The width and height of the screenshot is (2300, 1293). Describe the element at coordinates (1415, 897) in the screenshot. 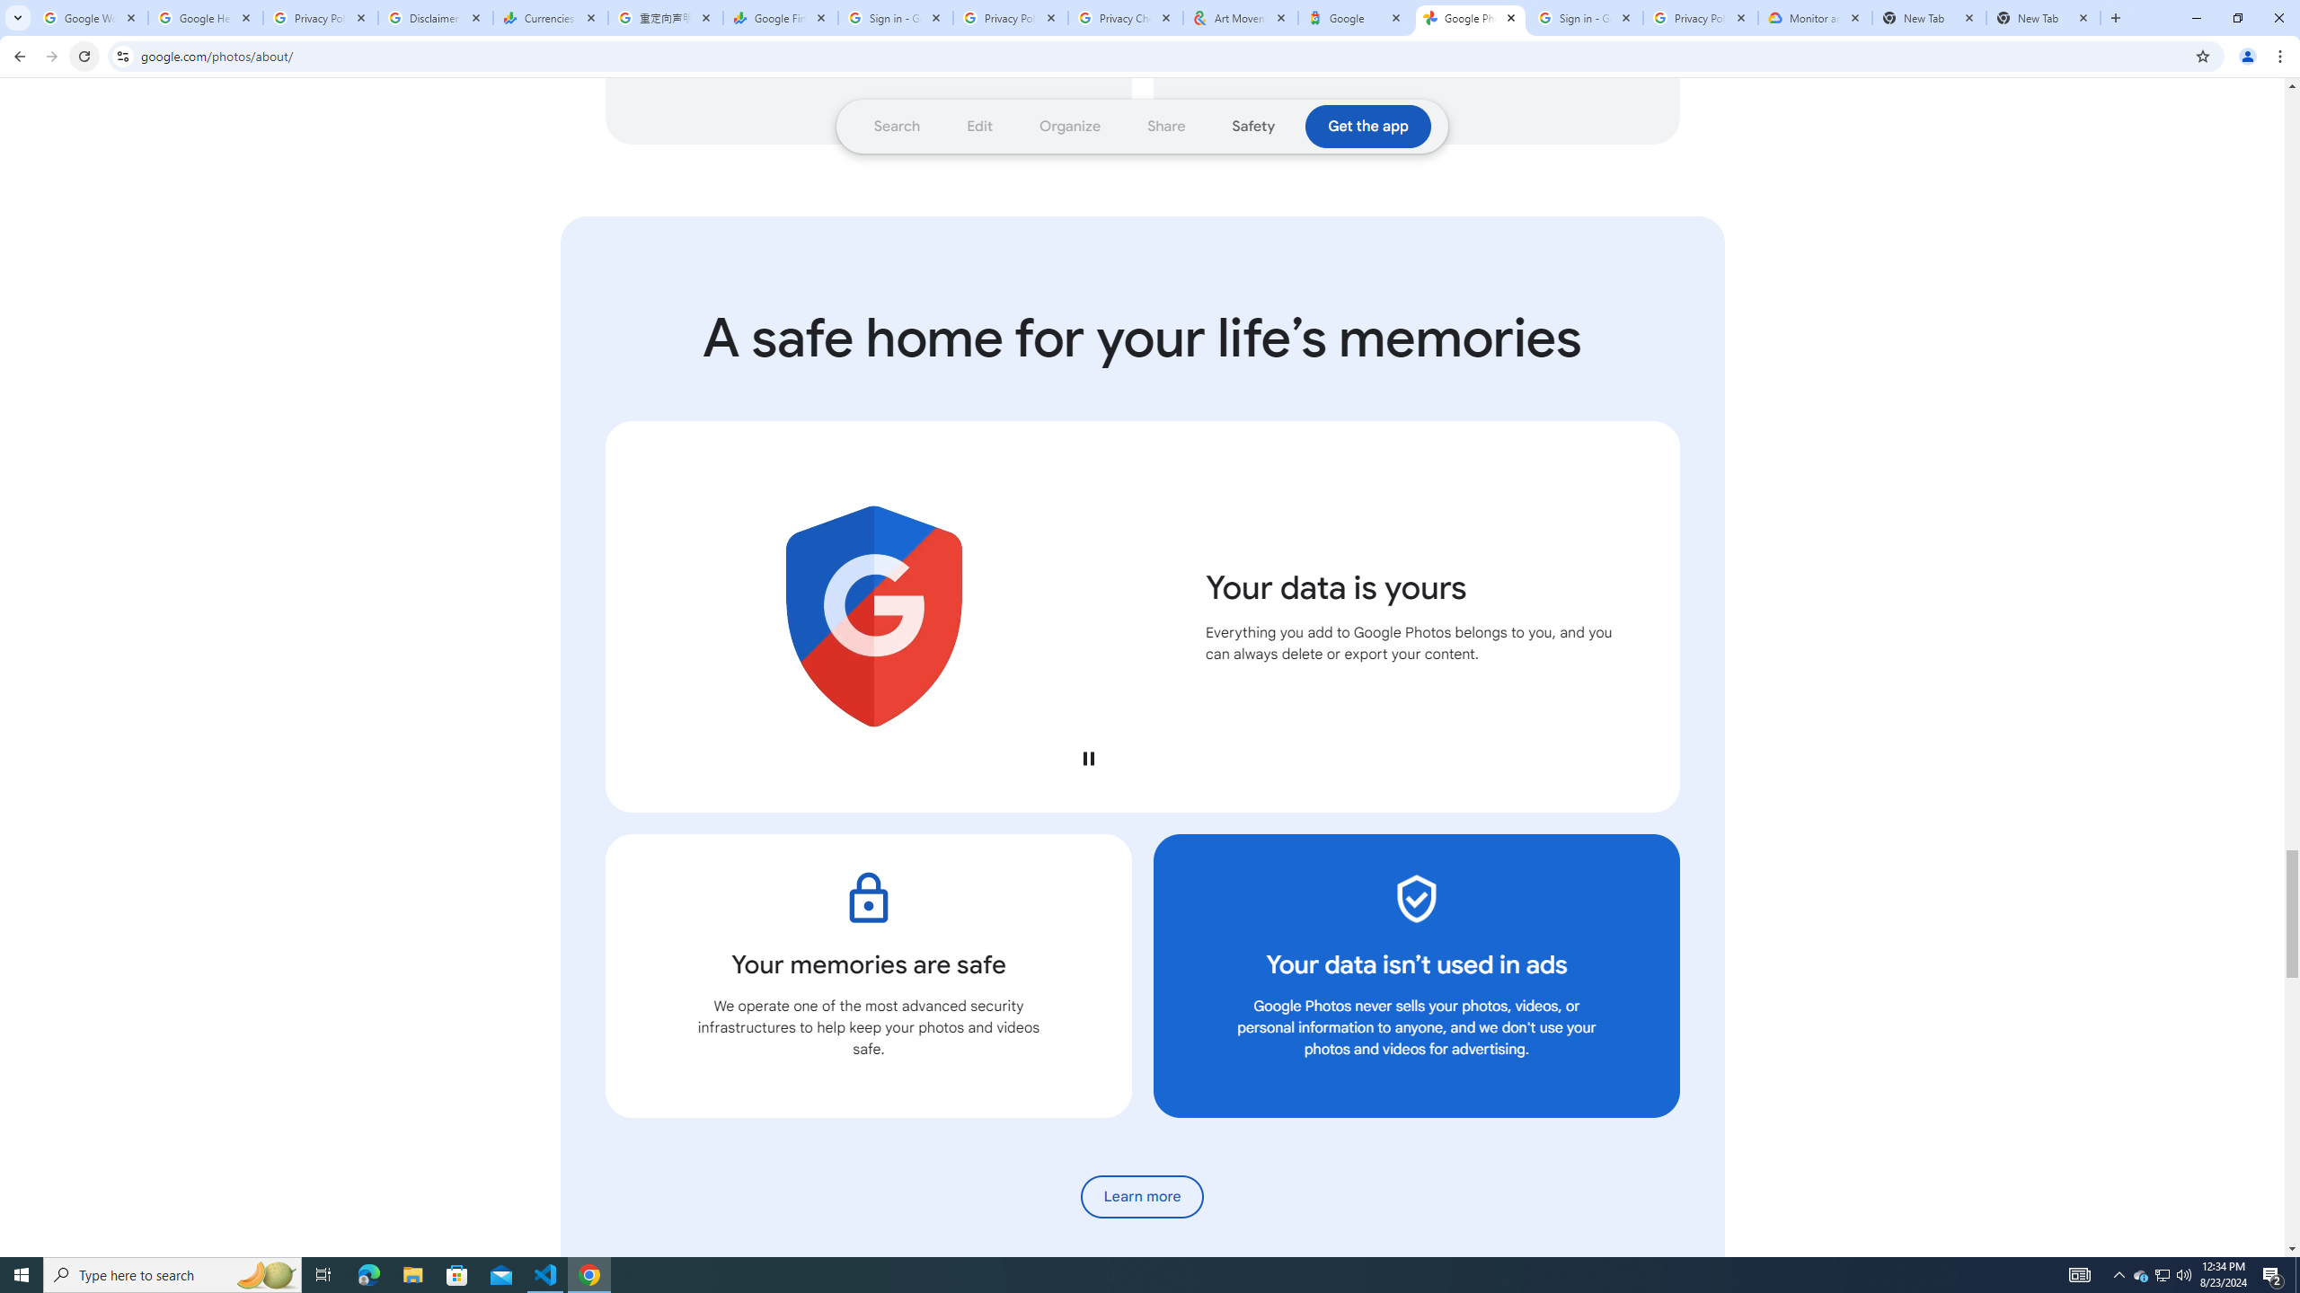

I see `'A checkmark icon.'` at that location.